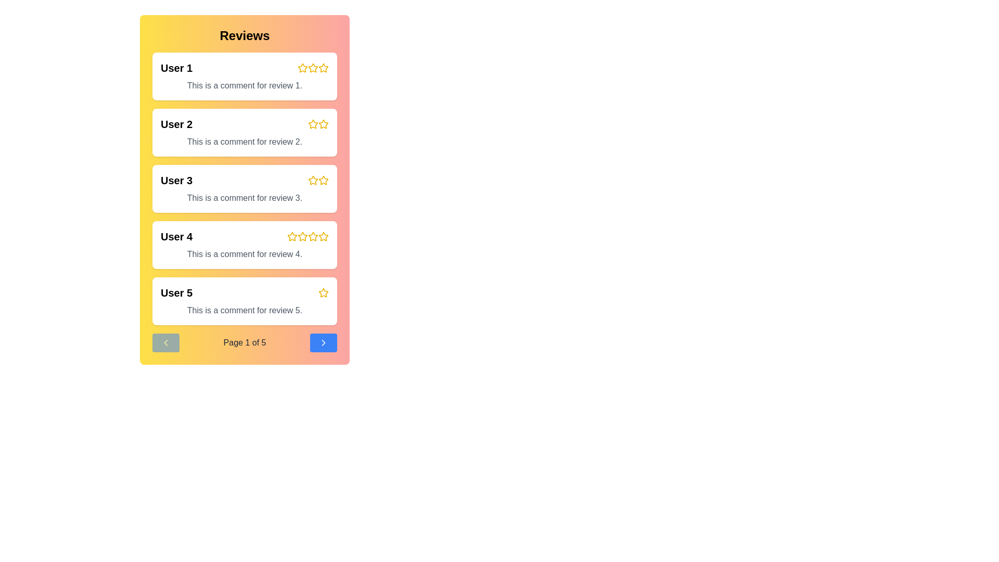 Image resolution: width=999 pixels, height=562 pixels. What do you see at coordinates (302, 68) in the screenshot?
I see `the first yellow outlined star icon representing a rating unit in the 'User 1' review block` at bounding box center [302, 68].